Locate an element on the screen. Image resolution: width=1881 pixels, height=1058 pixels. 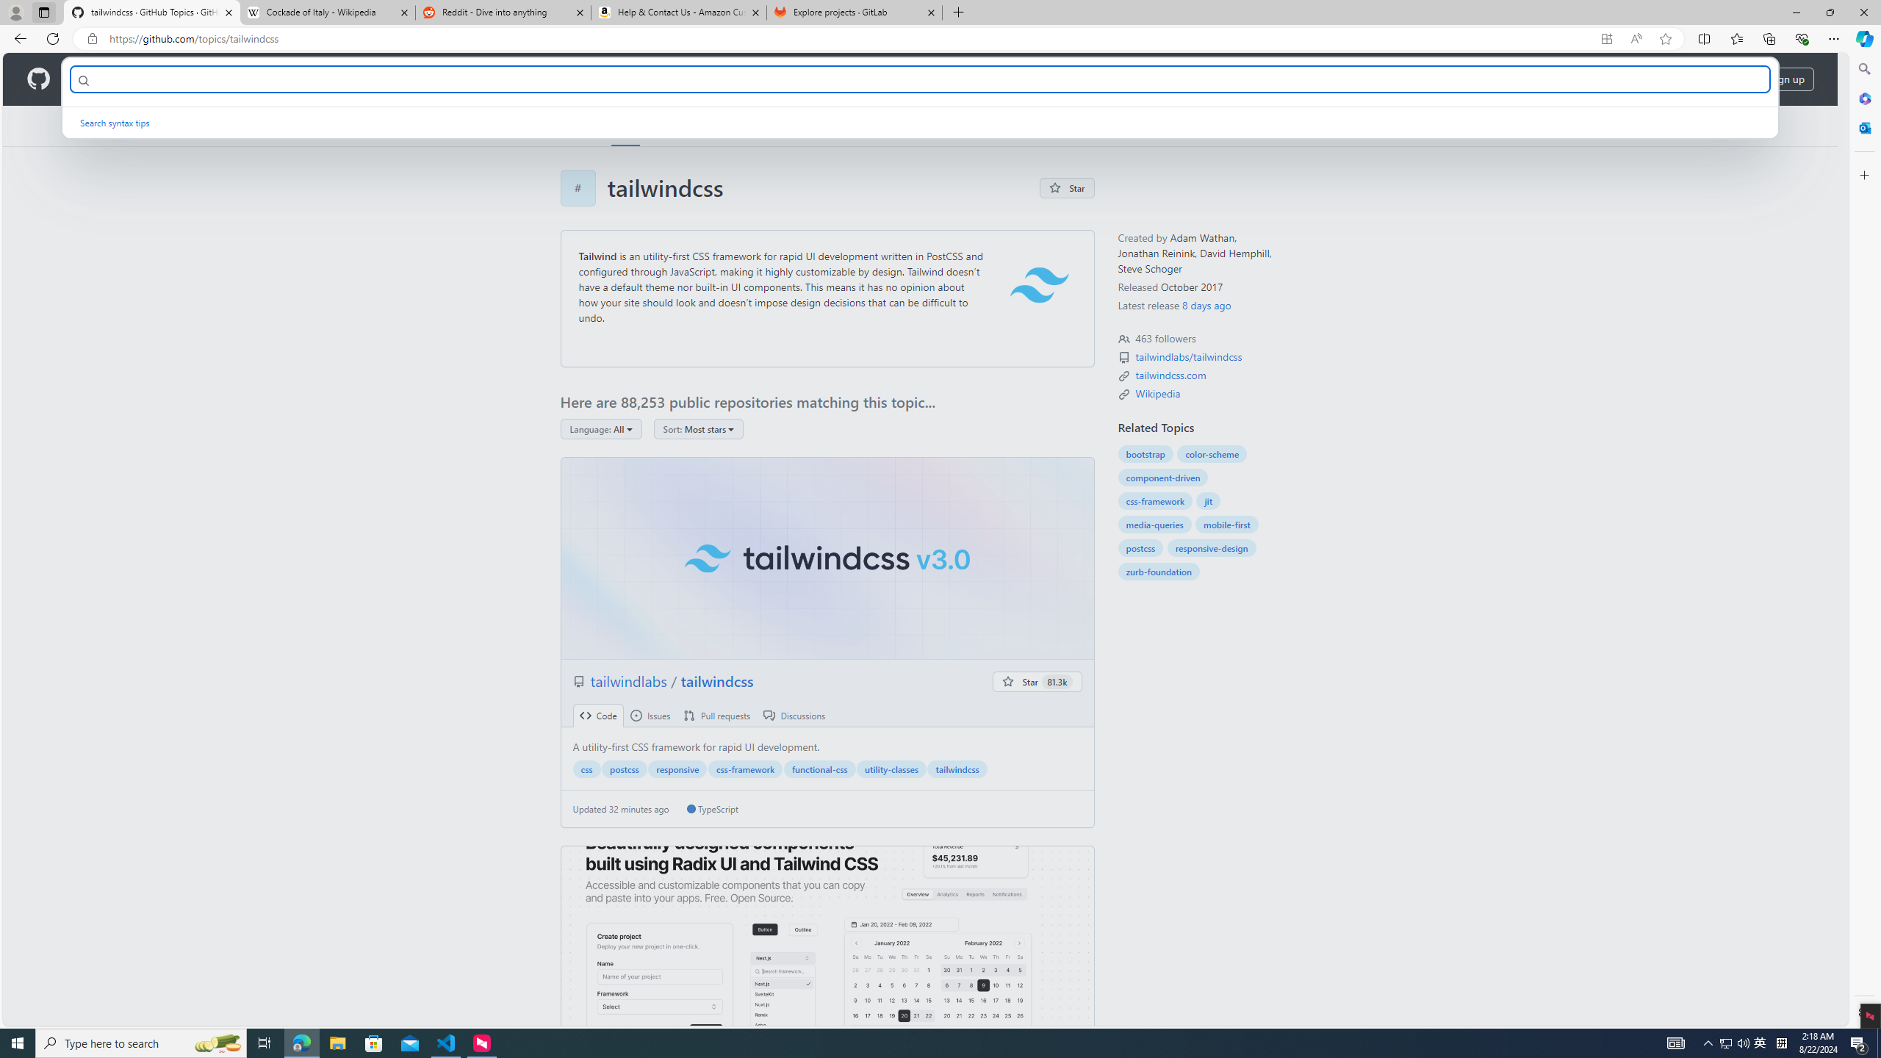
'Solutions' is located at coordinates (165, 79).